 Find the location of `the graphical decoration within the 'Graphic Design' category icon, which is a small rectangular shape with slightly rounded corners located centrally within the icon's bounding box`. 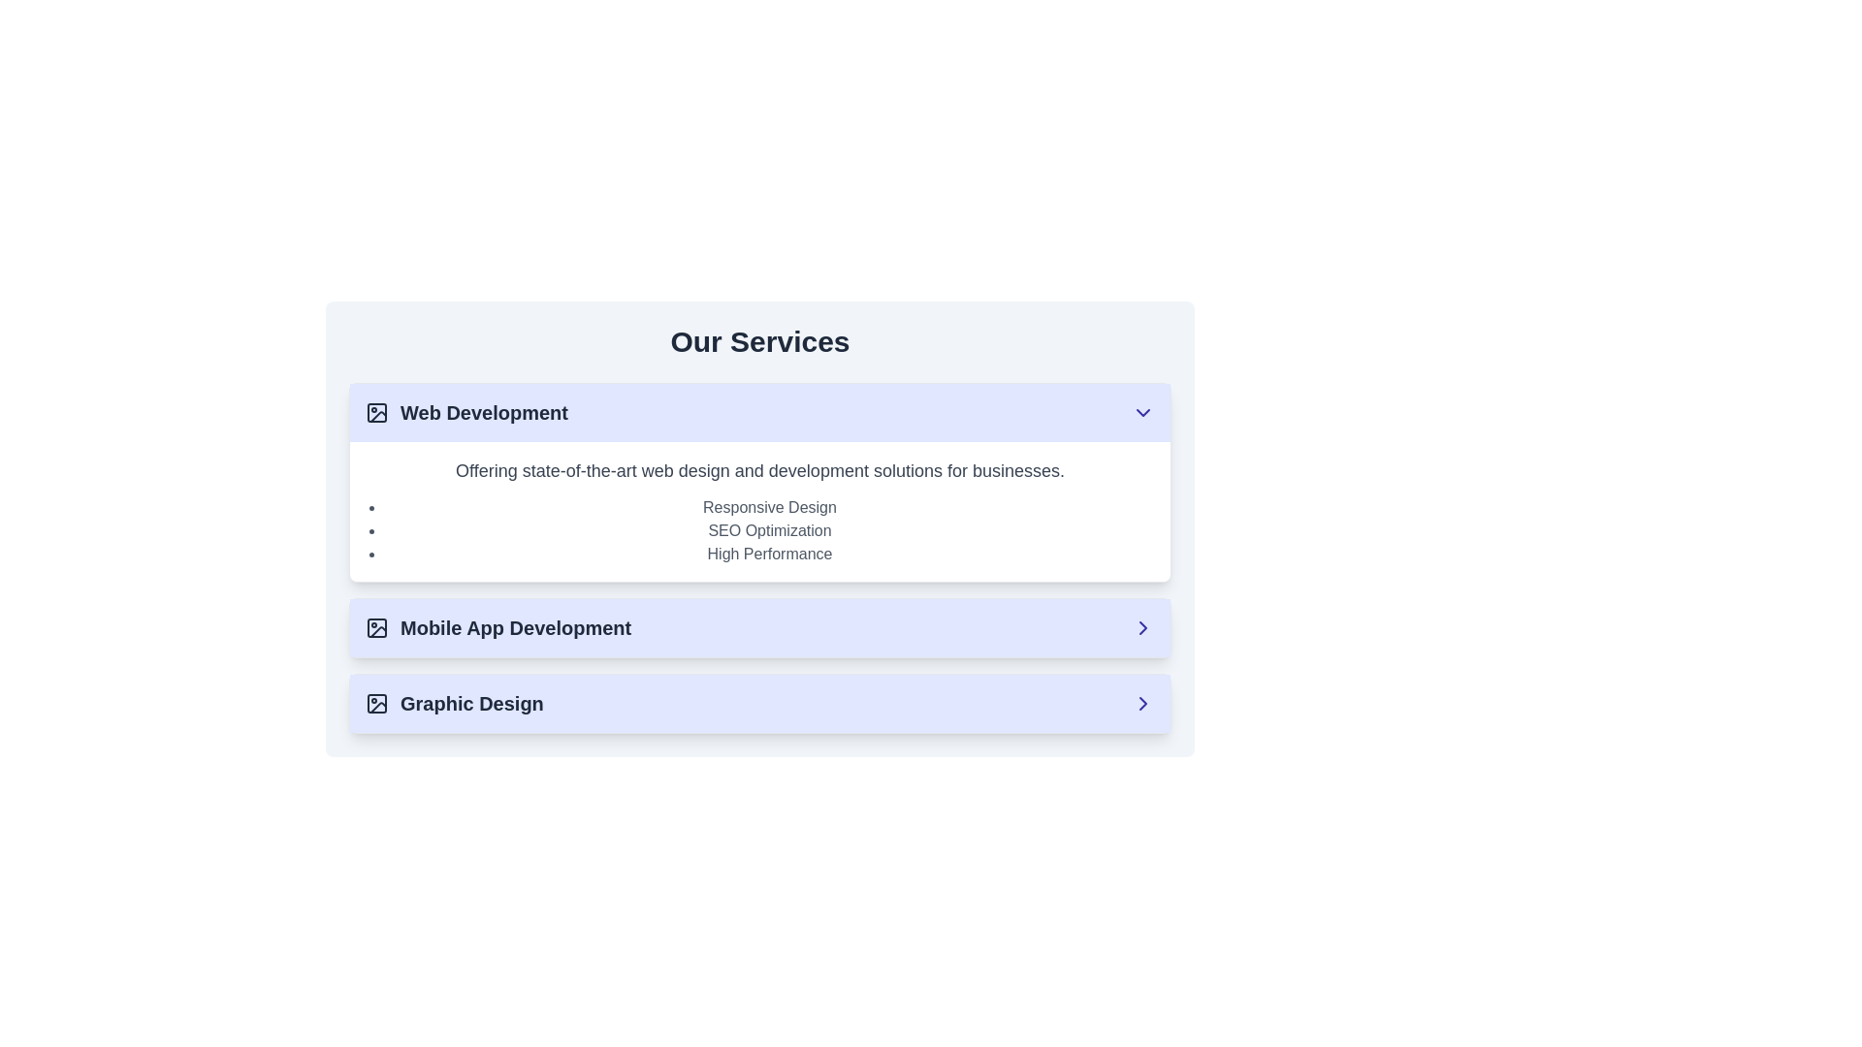

the graphical decoration within the 'Graphic Design' category icon, which is a small rectangular shape with slightly rounded corners located centrally within the icon's bounding box is located at coordinates (376, 703).